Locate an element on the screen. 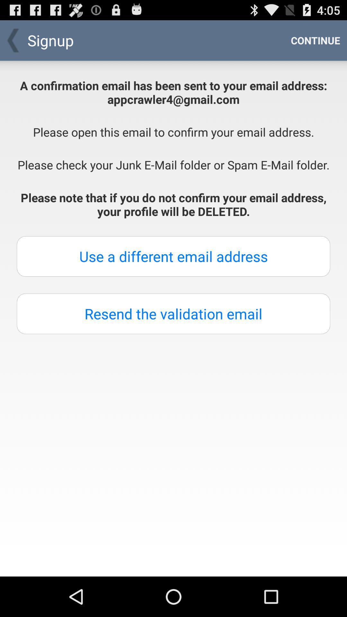 This screenshot has height=617, width=347. the app to the right of signup app is located at coordinates (315, 40).